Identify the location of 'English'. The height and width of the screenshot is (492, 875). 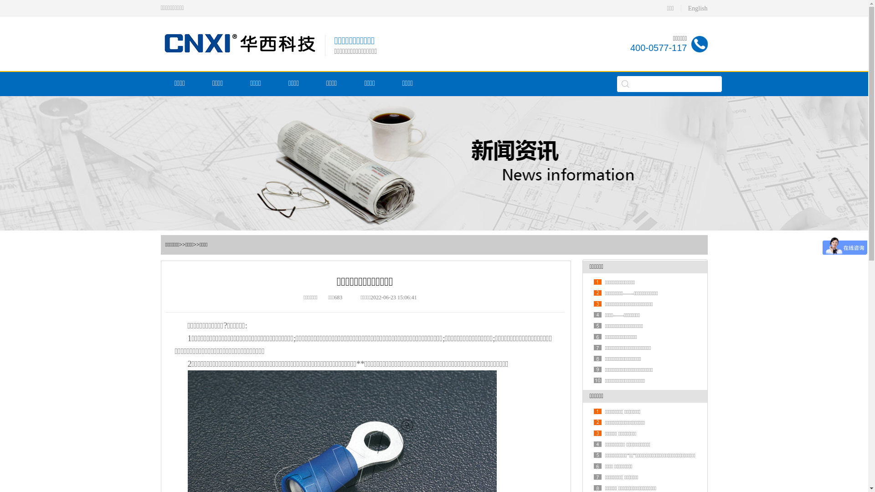
(697, 8).